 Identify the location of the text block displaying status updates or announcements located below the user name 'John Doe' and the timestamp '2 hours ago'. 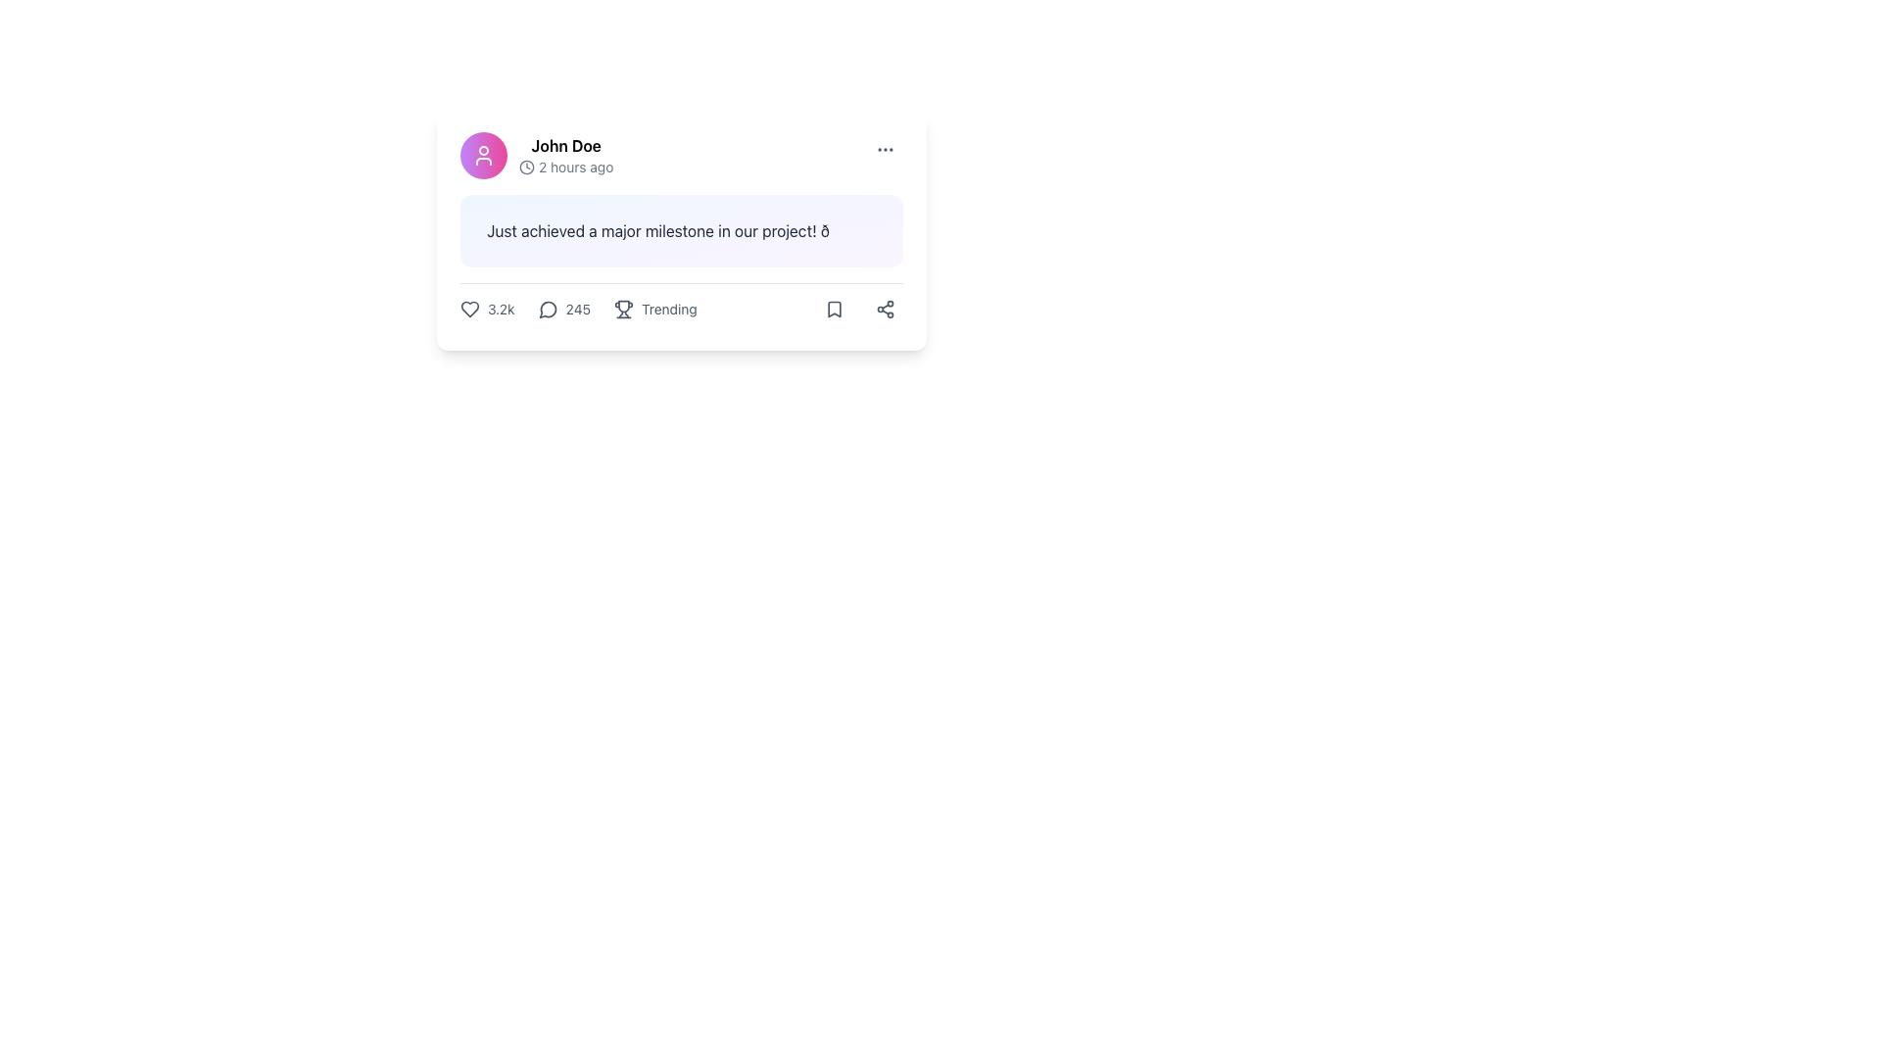
(682, 229).